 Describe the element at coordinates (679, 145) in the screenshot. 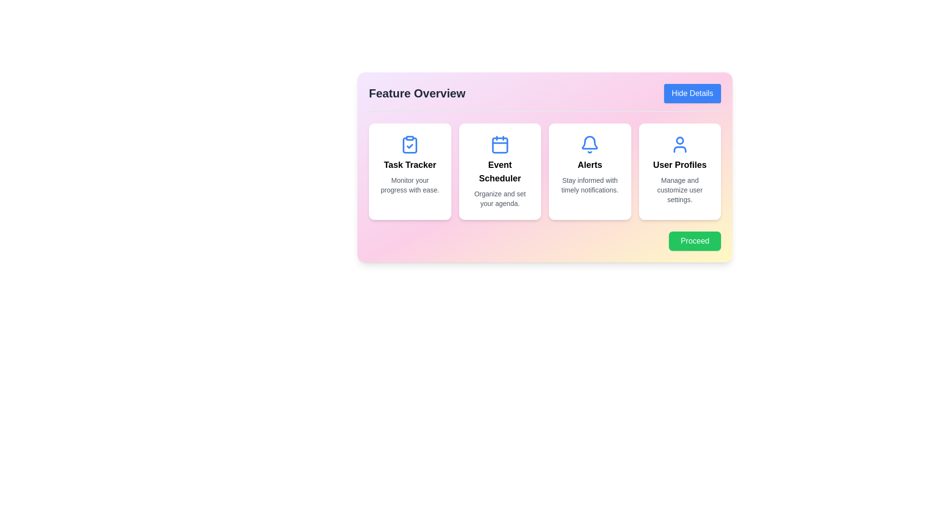

I see `the user profile icon located at the bottom-right of the 'User Profiles' card within the 'Feature Overview' section` at that location.